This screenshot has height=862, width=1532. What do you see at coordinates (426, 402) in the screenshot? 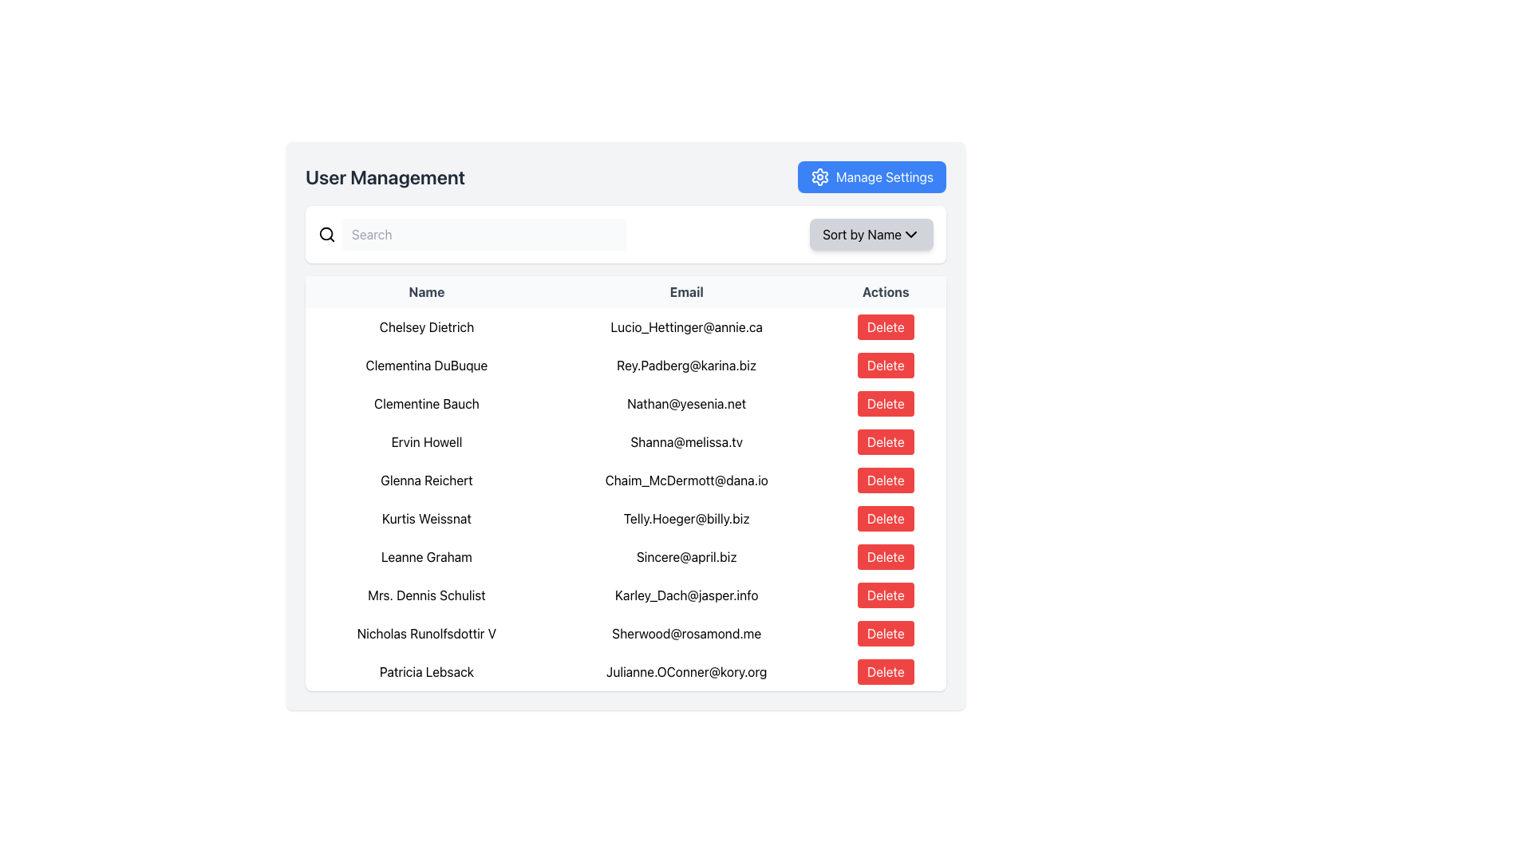
I see `the text label 'Clementine Bauch' located in the third row of the 'Name' column of the table` at bounding box center [426, 402].